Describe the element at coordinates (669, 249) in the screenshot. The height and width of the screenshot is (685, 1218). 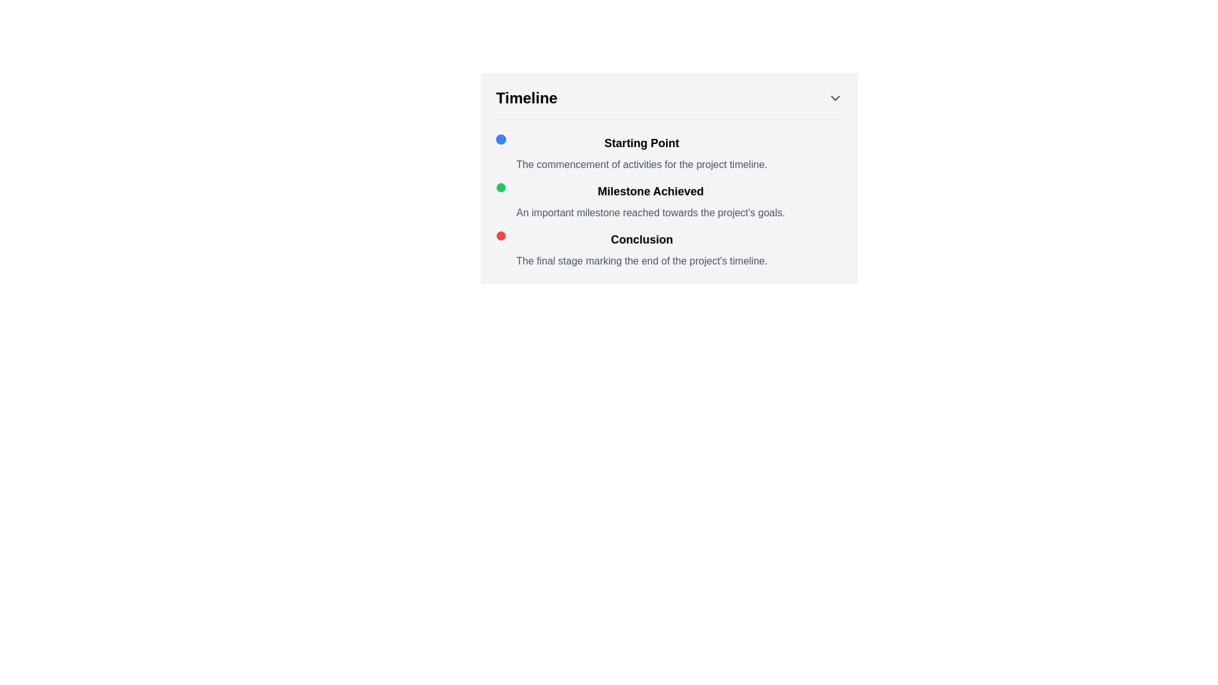
I see `descriptive text in the text block that represents the final stage in the timeline, located beneath the 'Milestone Achieved' entry` at that location.